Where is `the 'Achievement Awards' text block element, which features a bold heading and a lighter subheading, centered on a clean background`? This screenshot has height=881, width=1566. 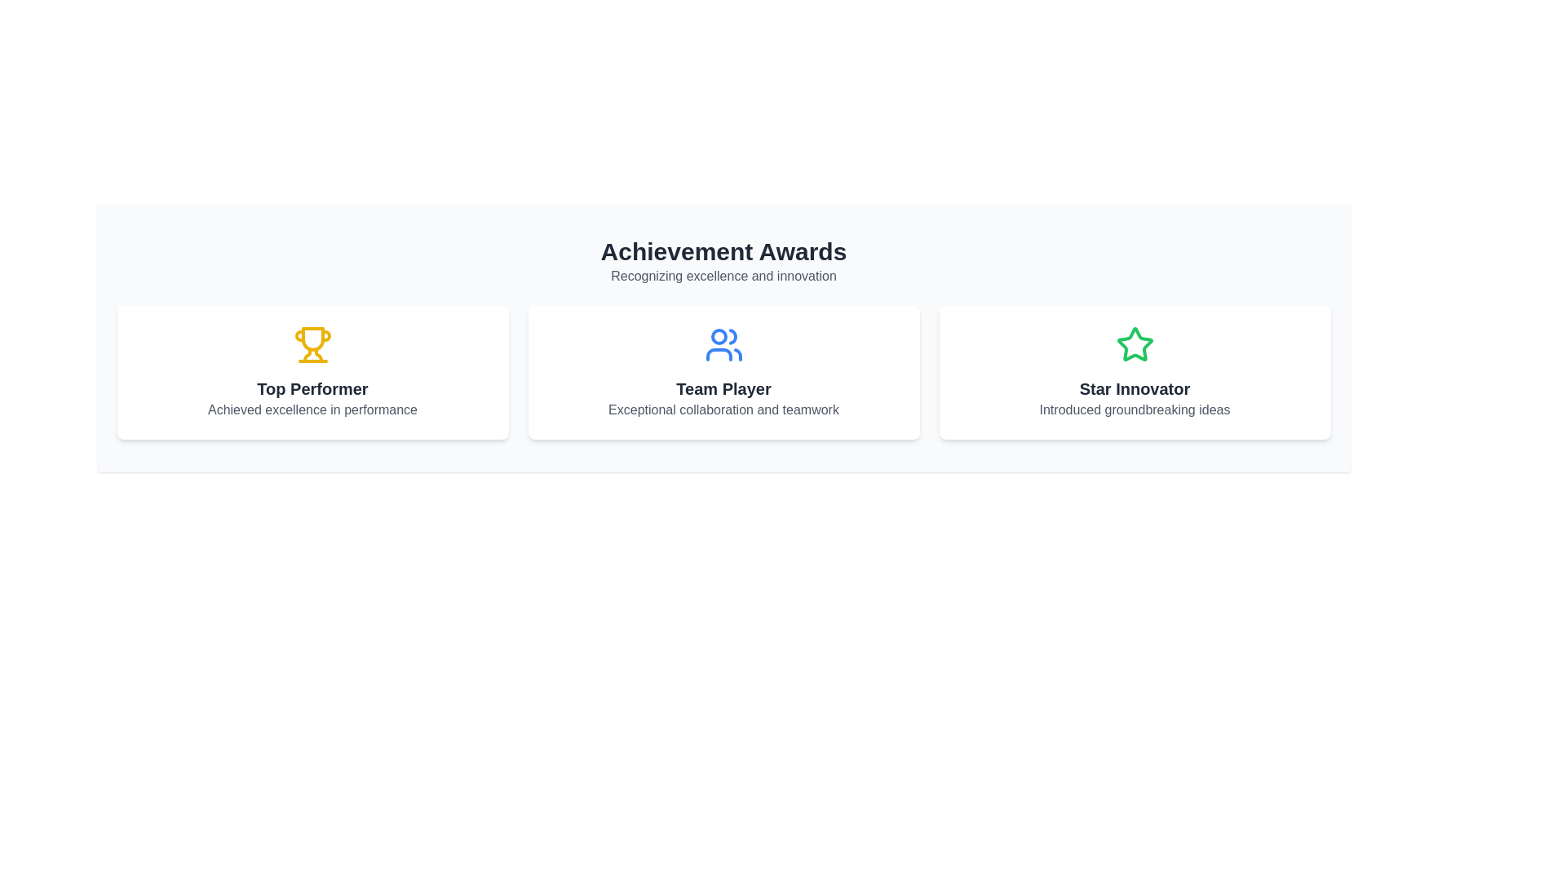
the 'Achievement Awards' text block element, which features a bold heading and a lighter subheading, centered on a clean background is located at coordinates (723, 260).